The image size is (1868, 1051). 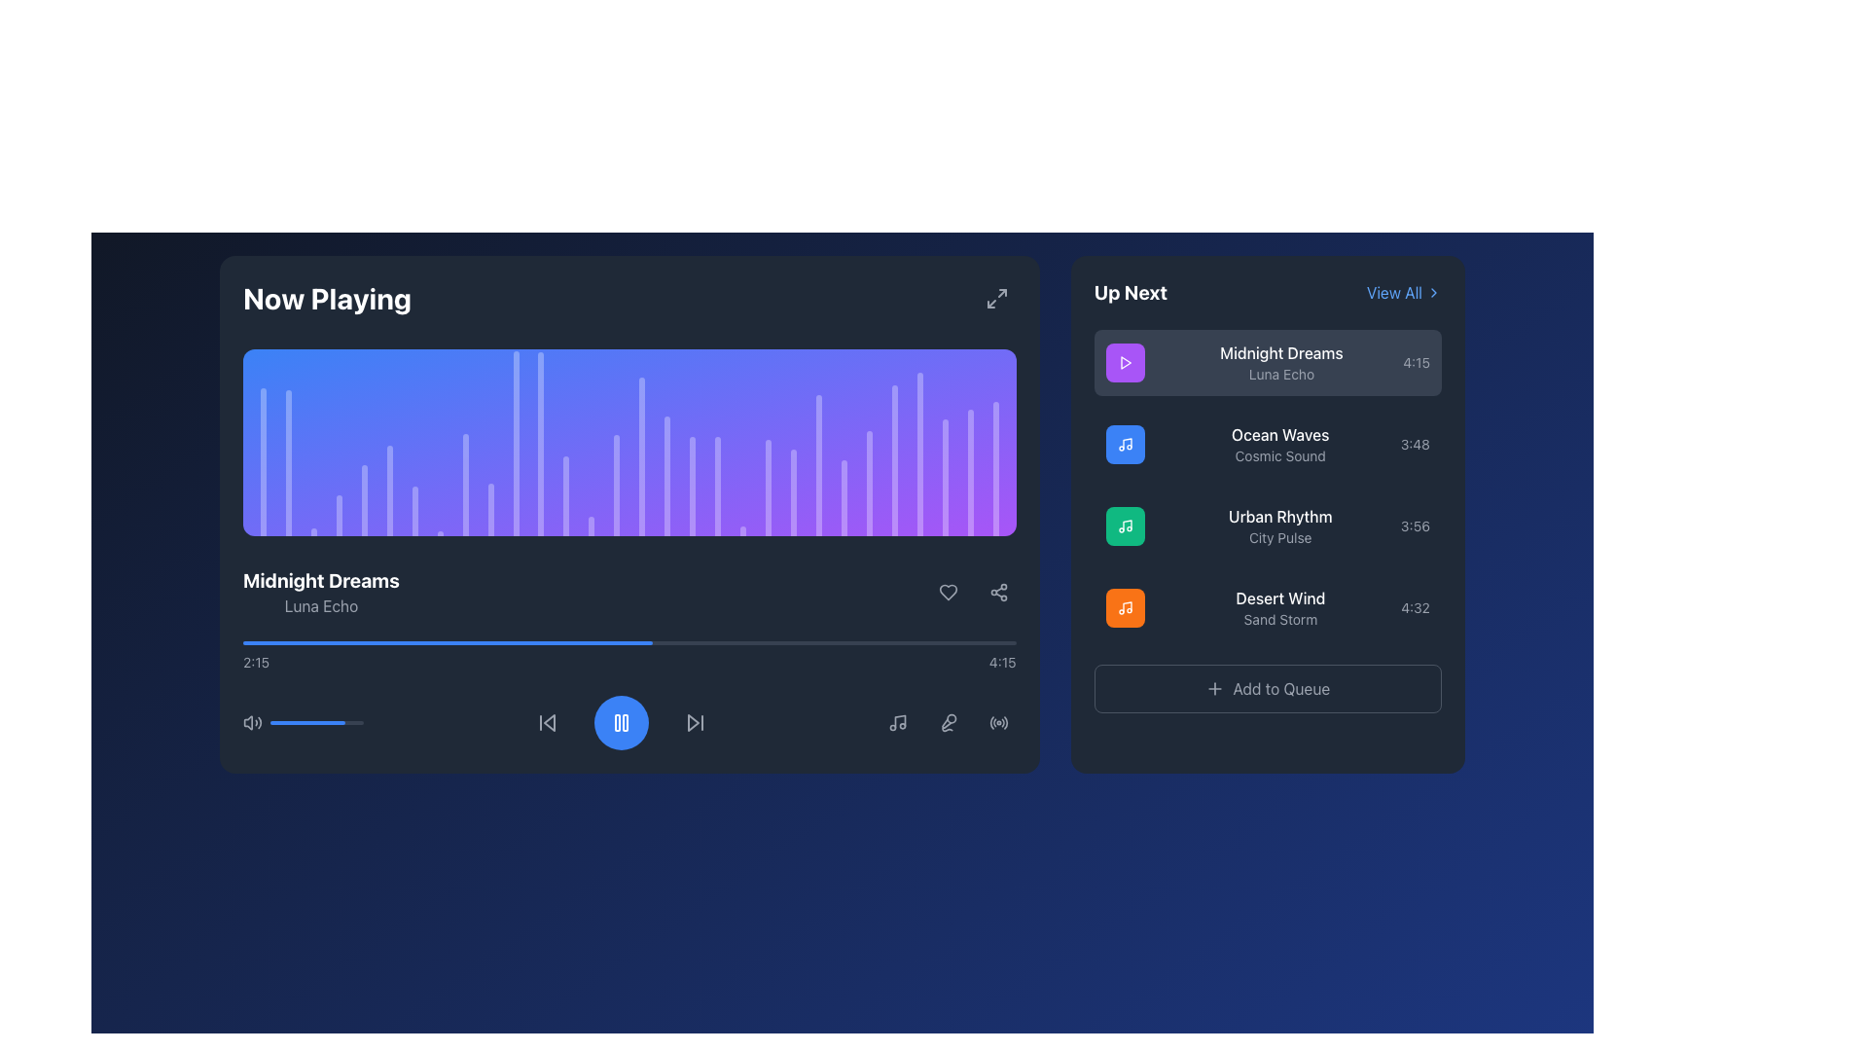 I want to click on the progression of the slim horizontal progress bar located in the 'Now Playing' section, which is styled with a gray background and a blue progression overlay, so click(x=629, y=642).